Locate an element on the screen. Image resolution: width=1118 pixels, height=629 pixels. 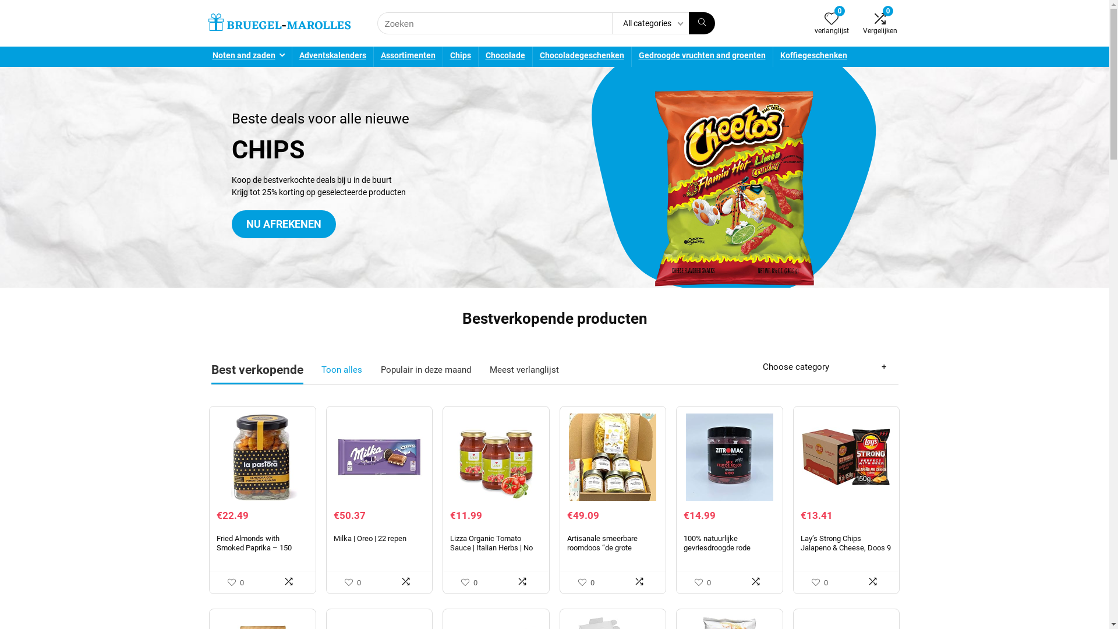
'Gedroogde vruchten and groenten' is located at coordinates (700, 56).